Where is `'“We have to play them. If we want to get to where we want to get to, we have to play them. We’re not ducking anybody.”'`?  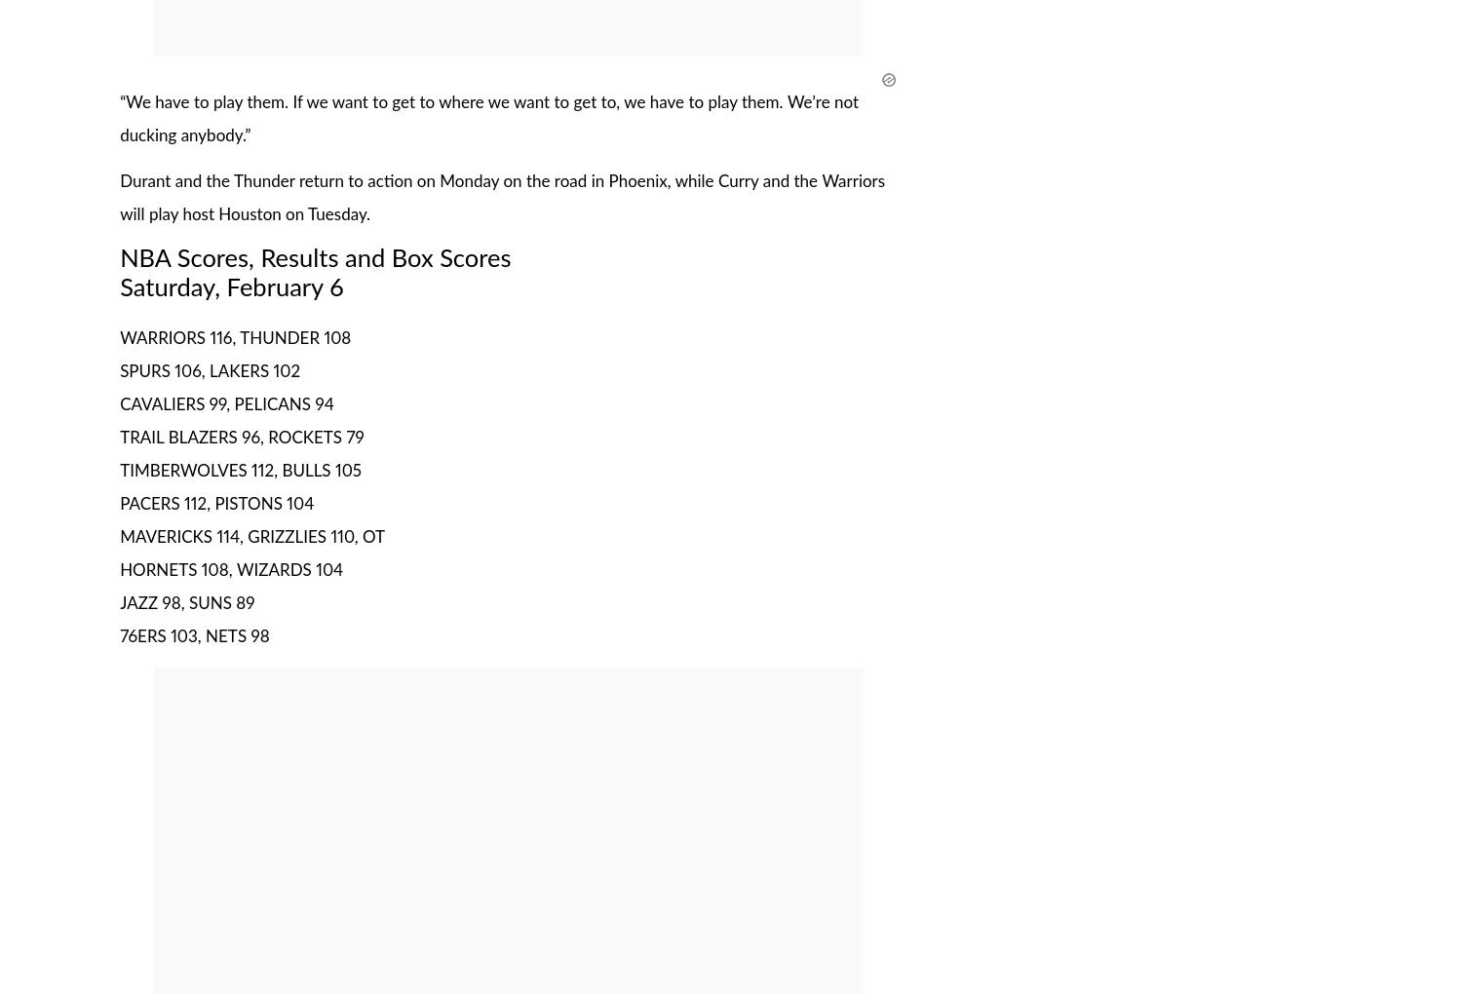 '“We have to play them. If we want to get to where we want to get to, we have to play them. We’re not ducking anybody.”' is located at coordinates (489, 118).